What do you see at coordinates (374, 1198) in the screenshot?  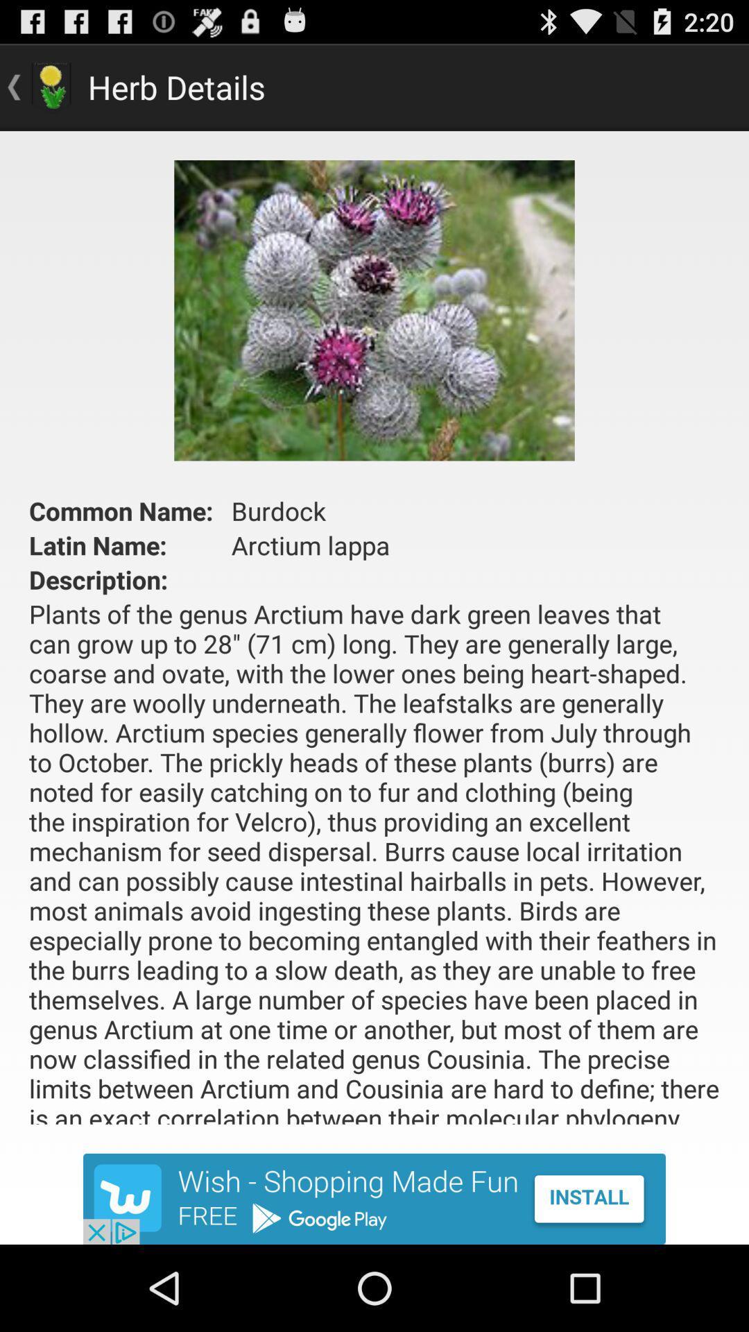 I see `install app` at bounding box center [374, 1198].